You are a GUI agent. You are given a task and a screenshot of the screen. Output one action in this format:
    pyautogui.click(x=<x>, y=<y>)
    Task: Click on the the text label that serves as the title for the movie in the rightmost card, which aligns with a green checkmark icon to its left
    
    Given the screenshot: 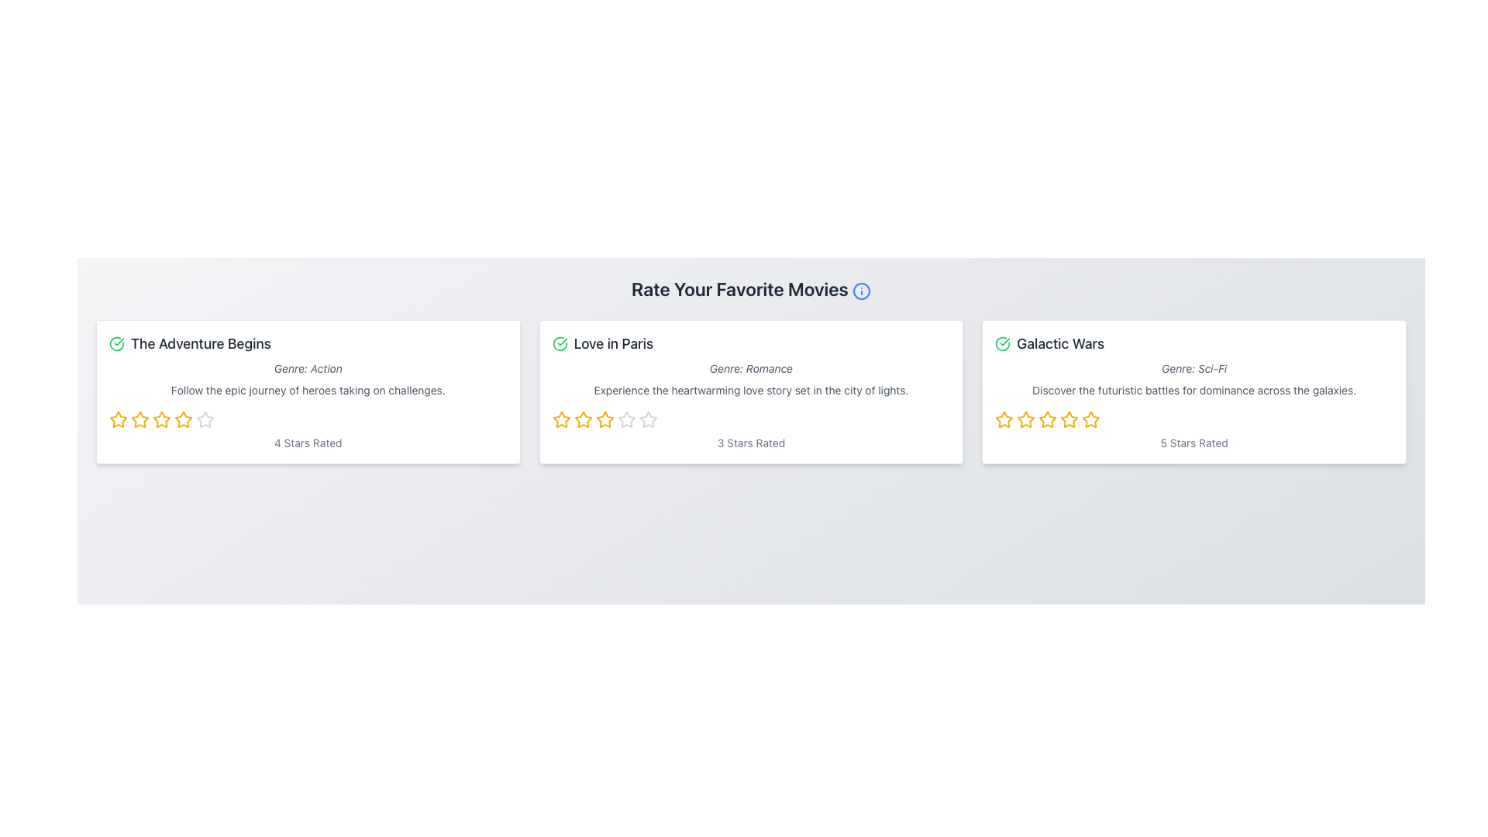 What is the action you would take?
    pyautogui.click(x=1059, y=343)
    